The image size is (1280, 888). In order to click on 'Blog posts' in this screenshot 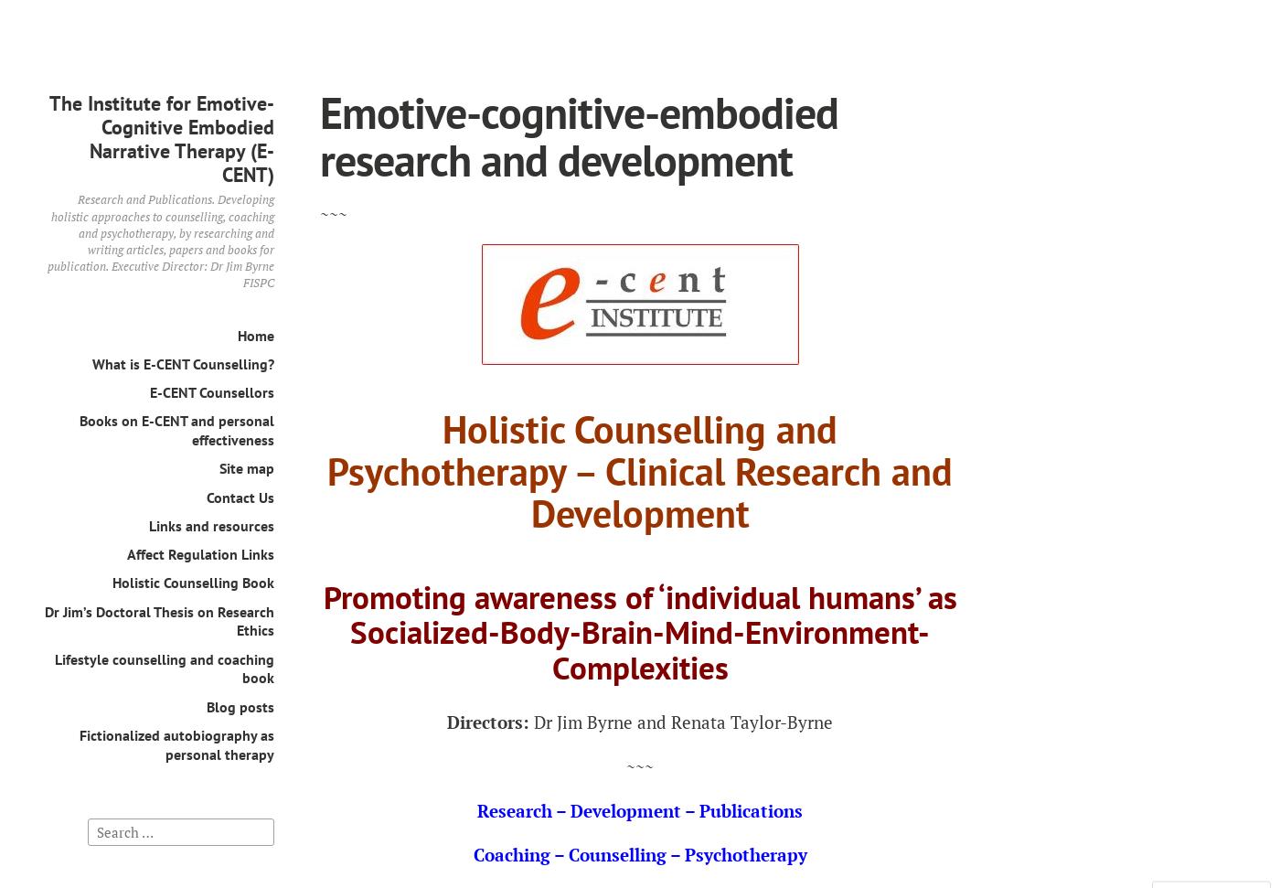, I will do `click(240, 706)`.